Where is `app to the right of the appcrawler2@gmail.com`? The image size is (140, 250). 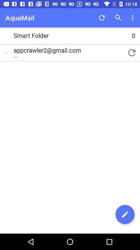 app to the right of the appcrawler2@gmail.com is located at coordinates (132, 53).